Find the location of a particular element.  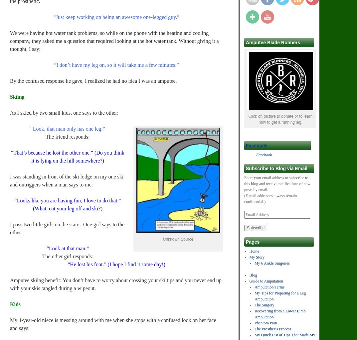

'Recovering from a Lower Limb Amputation' is located at coordinates (279, 314).